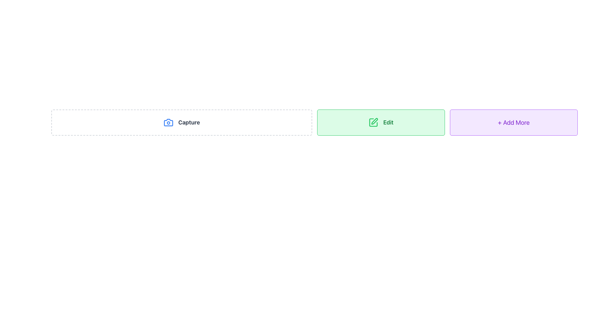  Describe the element at coordinates (514, 122) in the screenshot. I see `the '+ Add More' button, which is the third and rightmost button in a horizontal group of three buttons, to trigger any hover effects` at that location.